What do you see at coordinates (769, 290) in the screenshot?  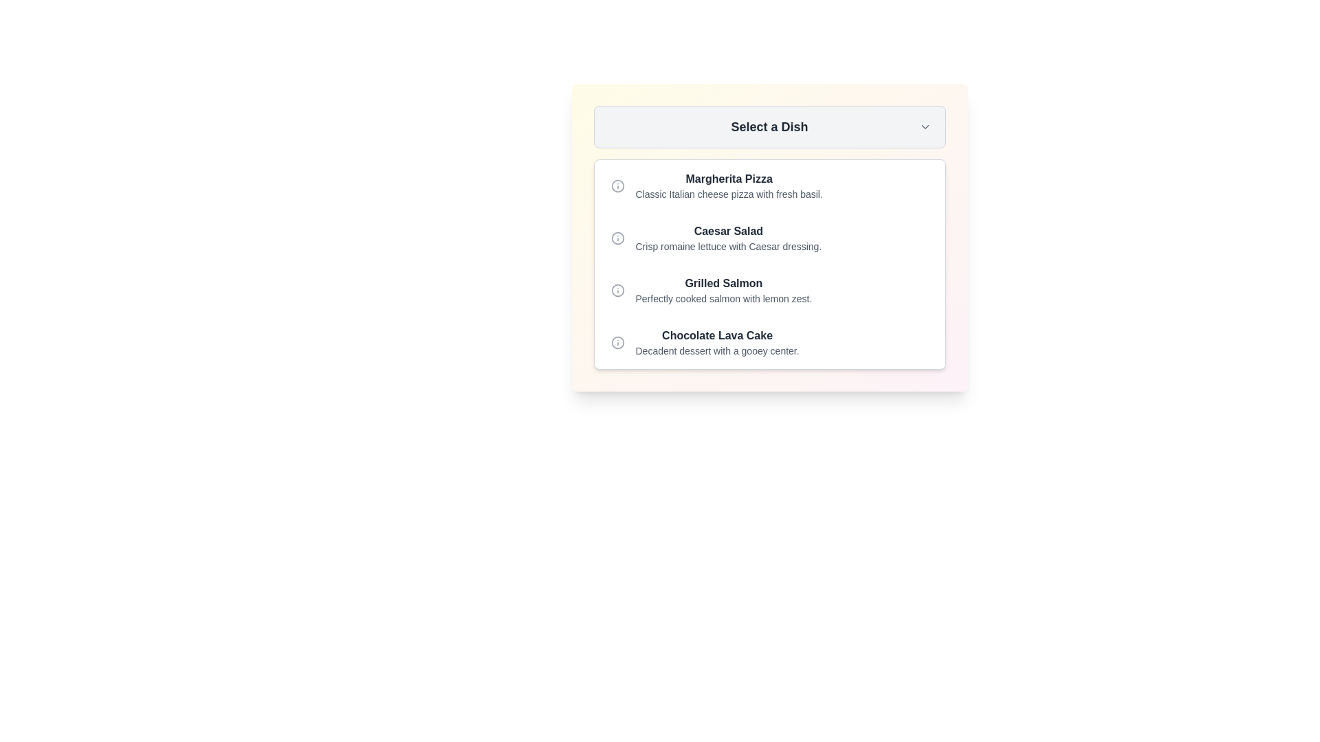 I see `the selectable list item for 'Grilled Salmon', which is the third item under the heading 'Select a Dish'` at bounding box center [769, 290].